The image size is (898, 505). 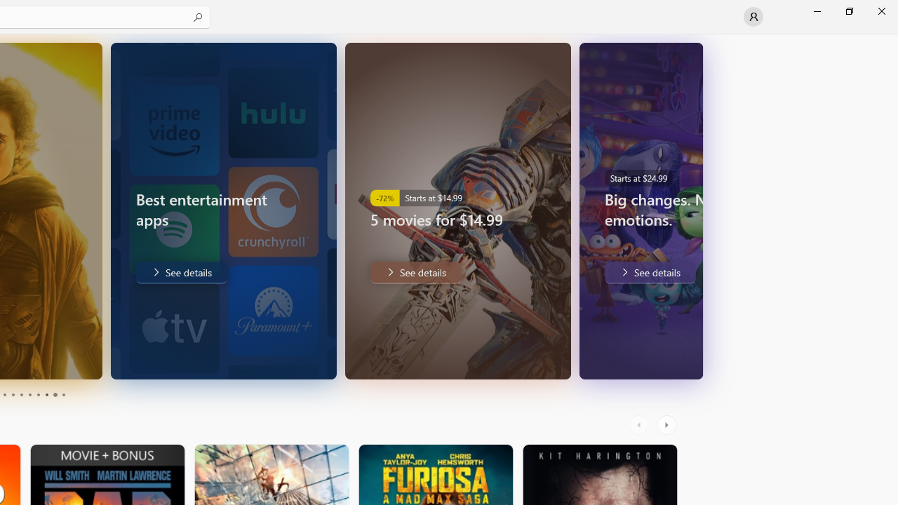 I want to click on 'Page 6', so click(x=29, y=395).